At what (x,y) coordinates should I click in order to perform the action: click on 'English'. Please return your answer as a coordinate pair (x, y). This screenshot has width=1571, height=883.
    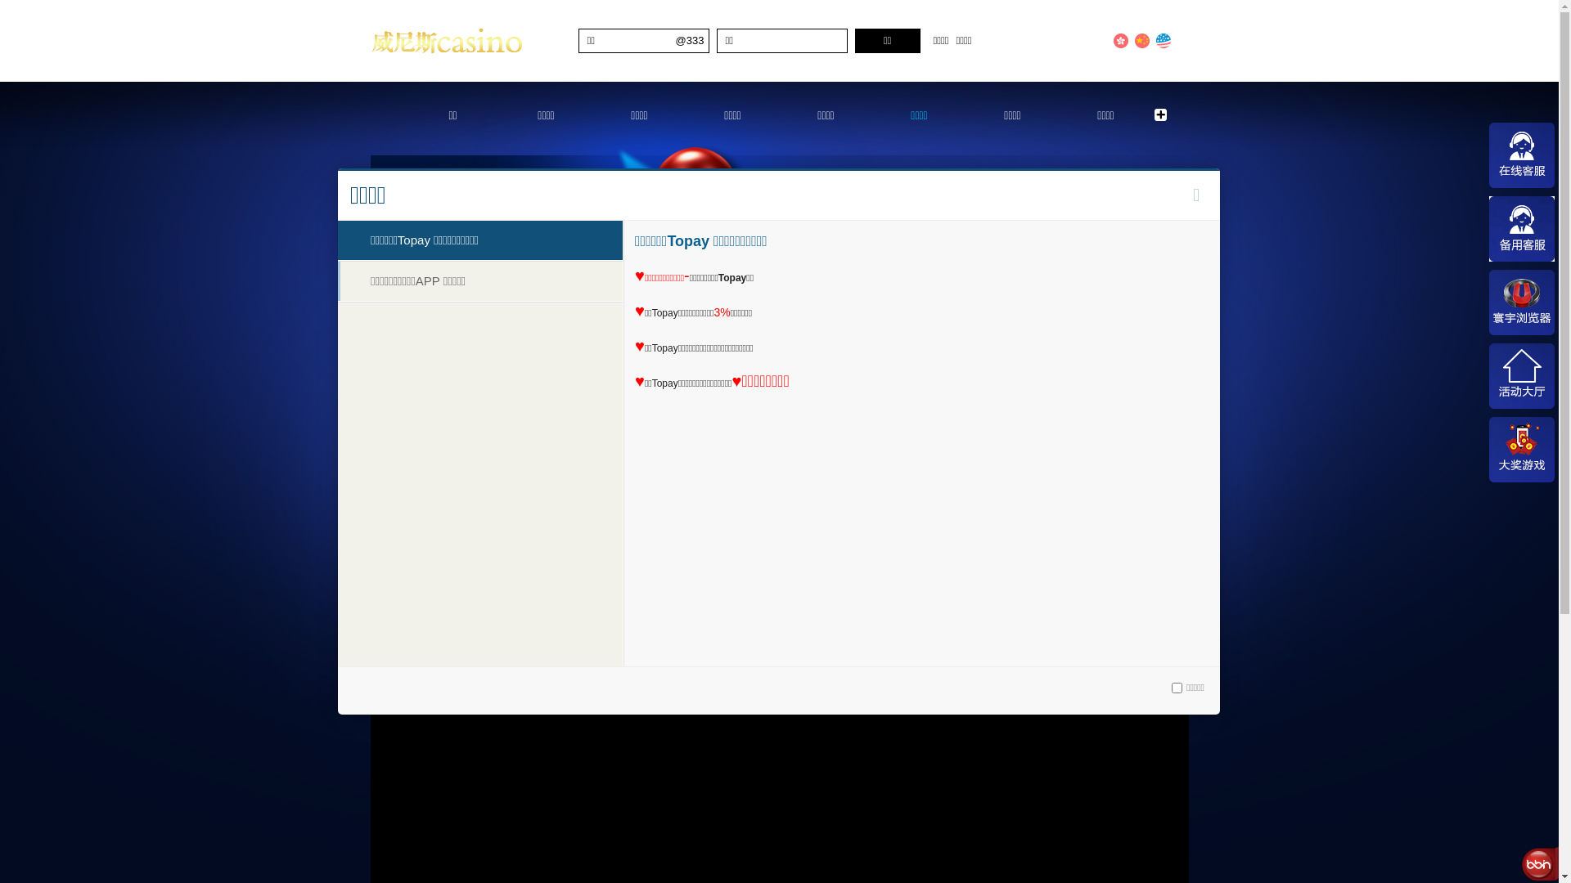
    Looking at the image, I should click on (1161, 40).